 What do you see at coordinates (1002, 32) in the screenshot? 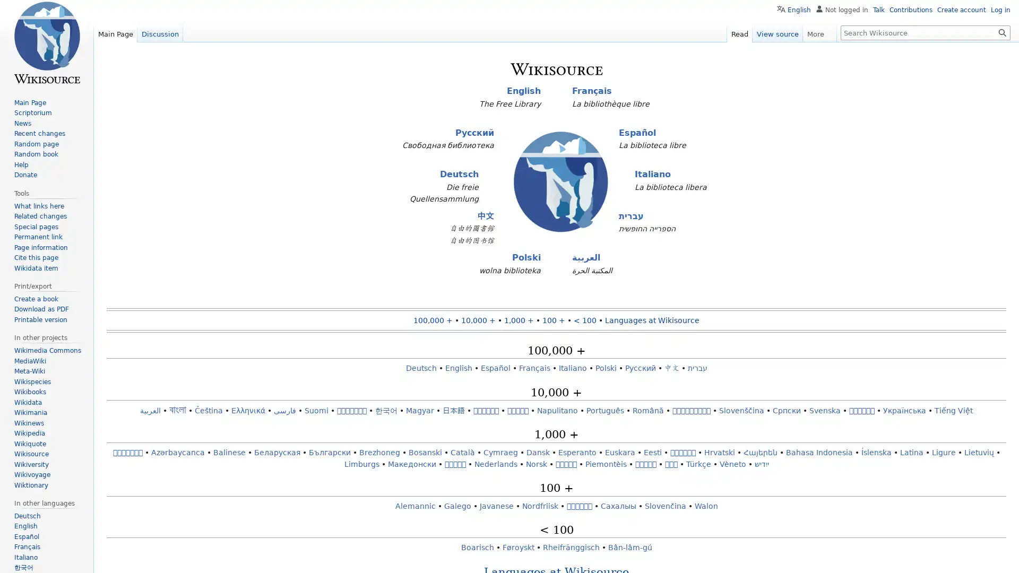
I see `Go` at bounding box center [1002, 32].